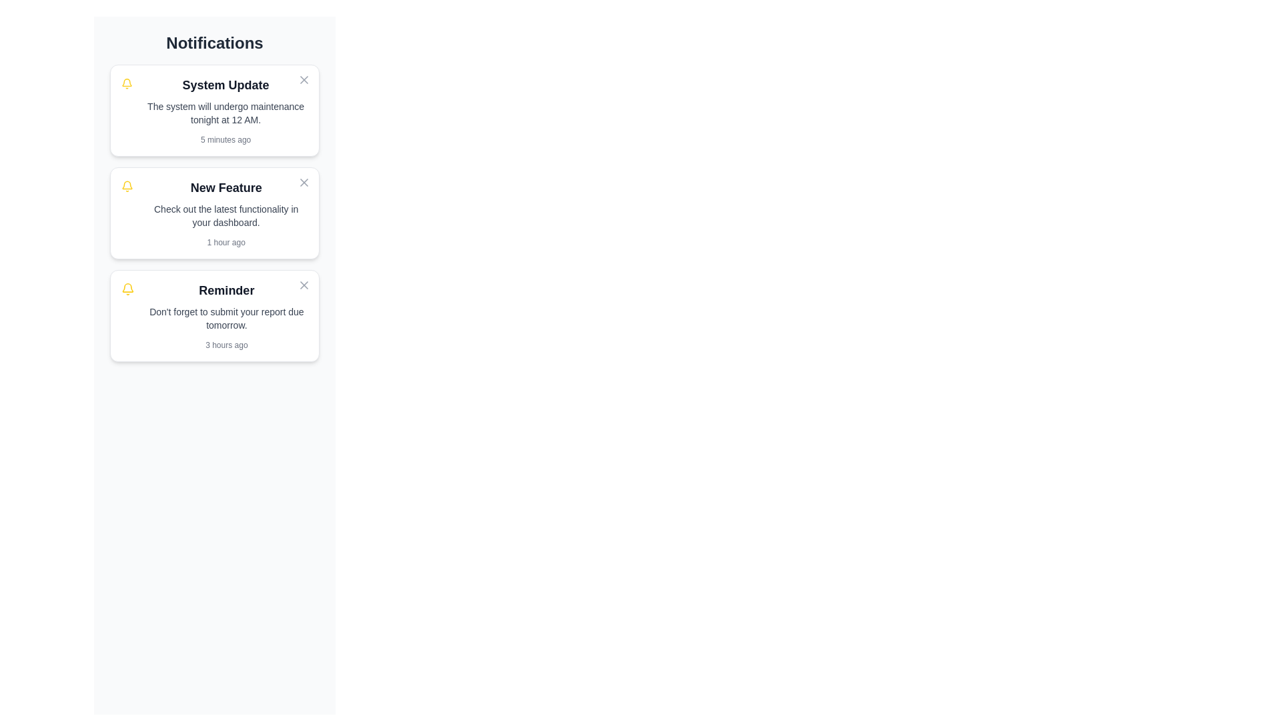 The width and height of the screenshot is (1281, 720). Describe the element at coordinates (304, 285) in the screenshot. I see `the round gray button with a stylized 'X' icon in the top-right corner of the third notification titled 'Reminder'` at that location.